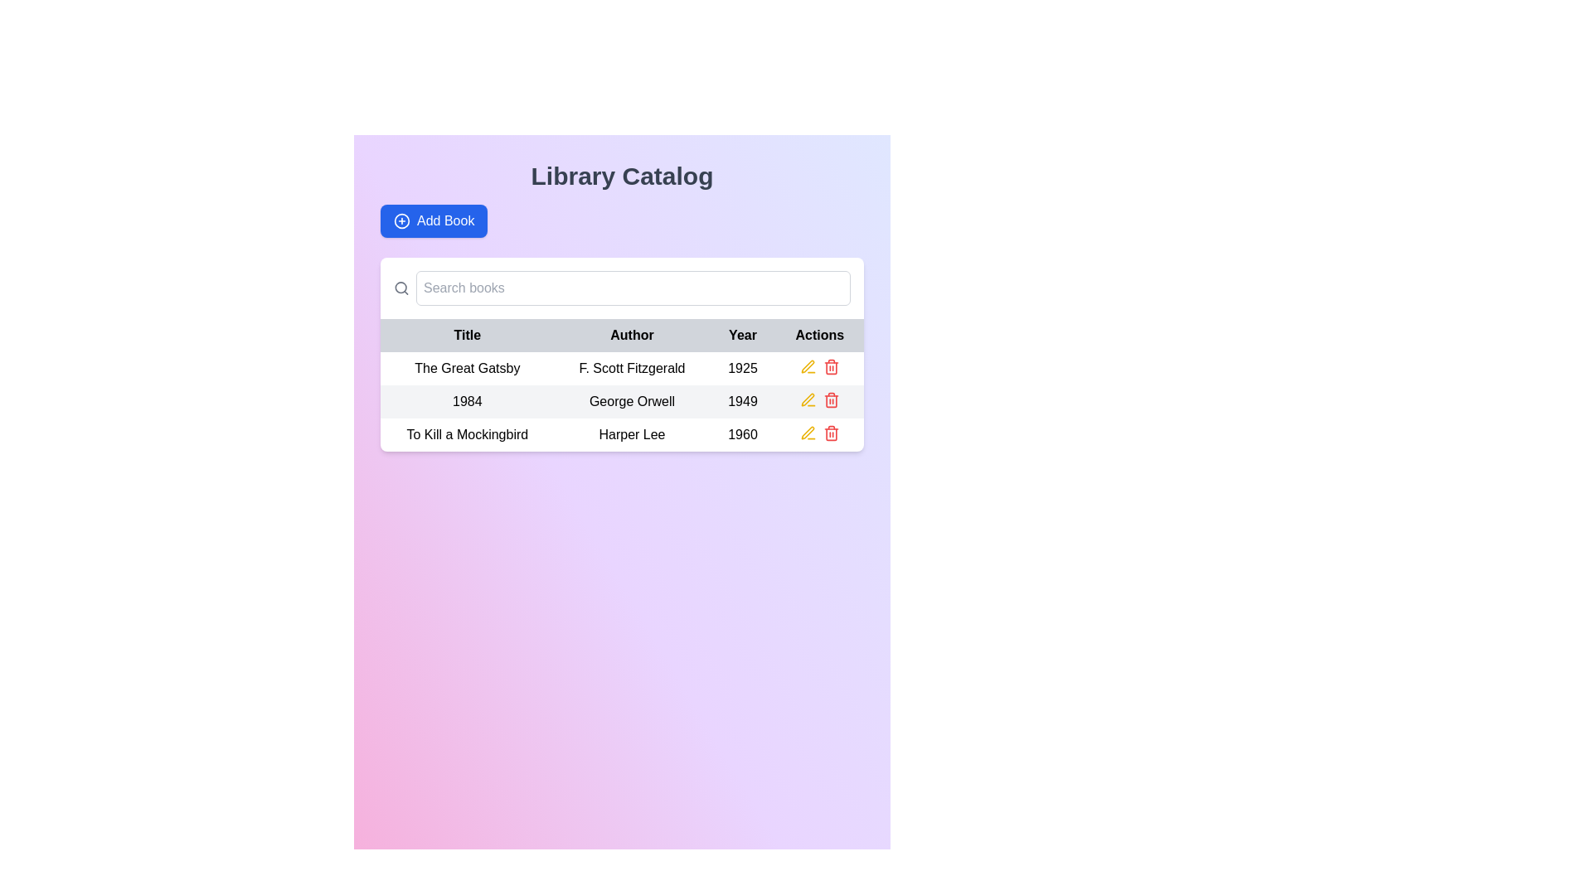  Describe the element at coordinates (808, 399) in the screenshot. I see `the Icon button in the 'Actions' column for the '1984' record` at that location.